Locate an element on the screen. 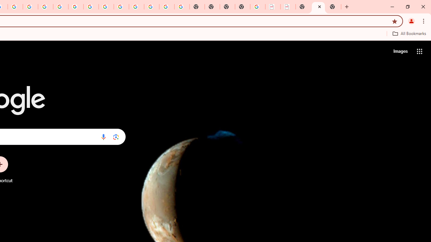 This screenshot has width=431, height=242. 'Search by image' is located at coordinates (116, 136).